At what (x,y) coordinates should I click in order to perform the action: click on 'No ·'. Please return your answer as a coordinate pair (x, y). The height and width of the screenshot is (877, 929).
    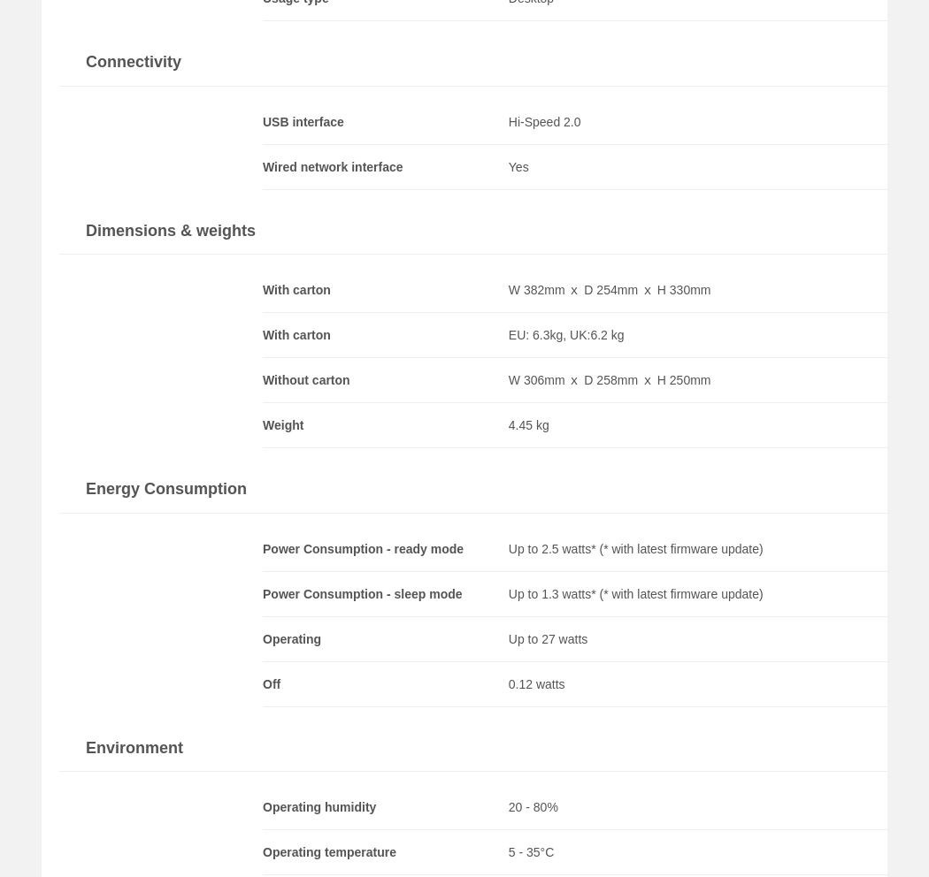
    Looking at the image, I should click on (422, 403).